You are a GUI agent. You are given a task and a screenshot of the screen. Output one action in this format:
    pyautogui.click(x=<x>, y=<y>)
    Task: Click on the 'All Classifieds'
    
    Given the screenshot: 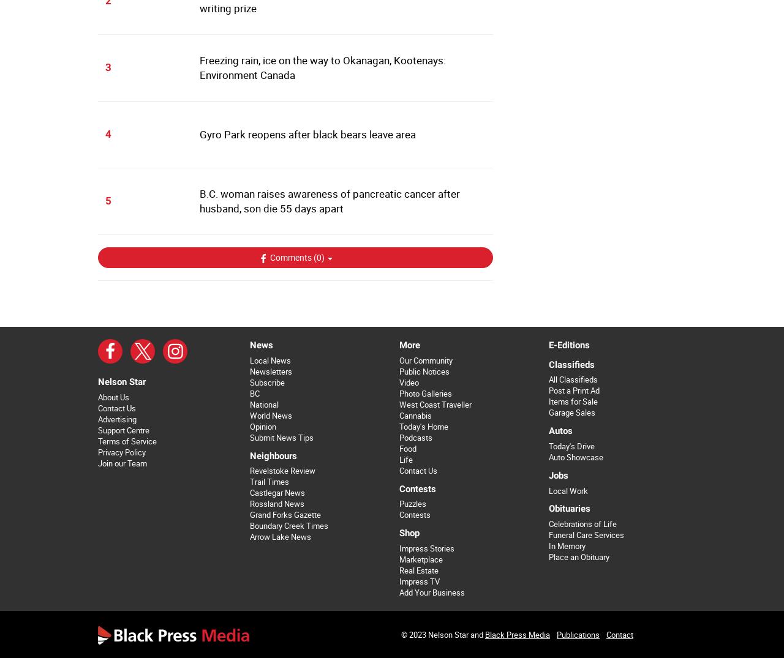 What is the action you would take?
    pyautogui.click(x=572, y=379)
    